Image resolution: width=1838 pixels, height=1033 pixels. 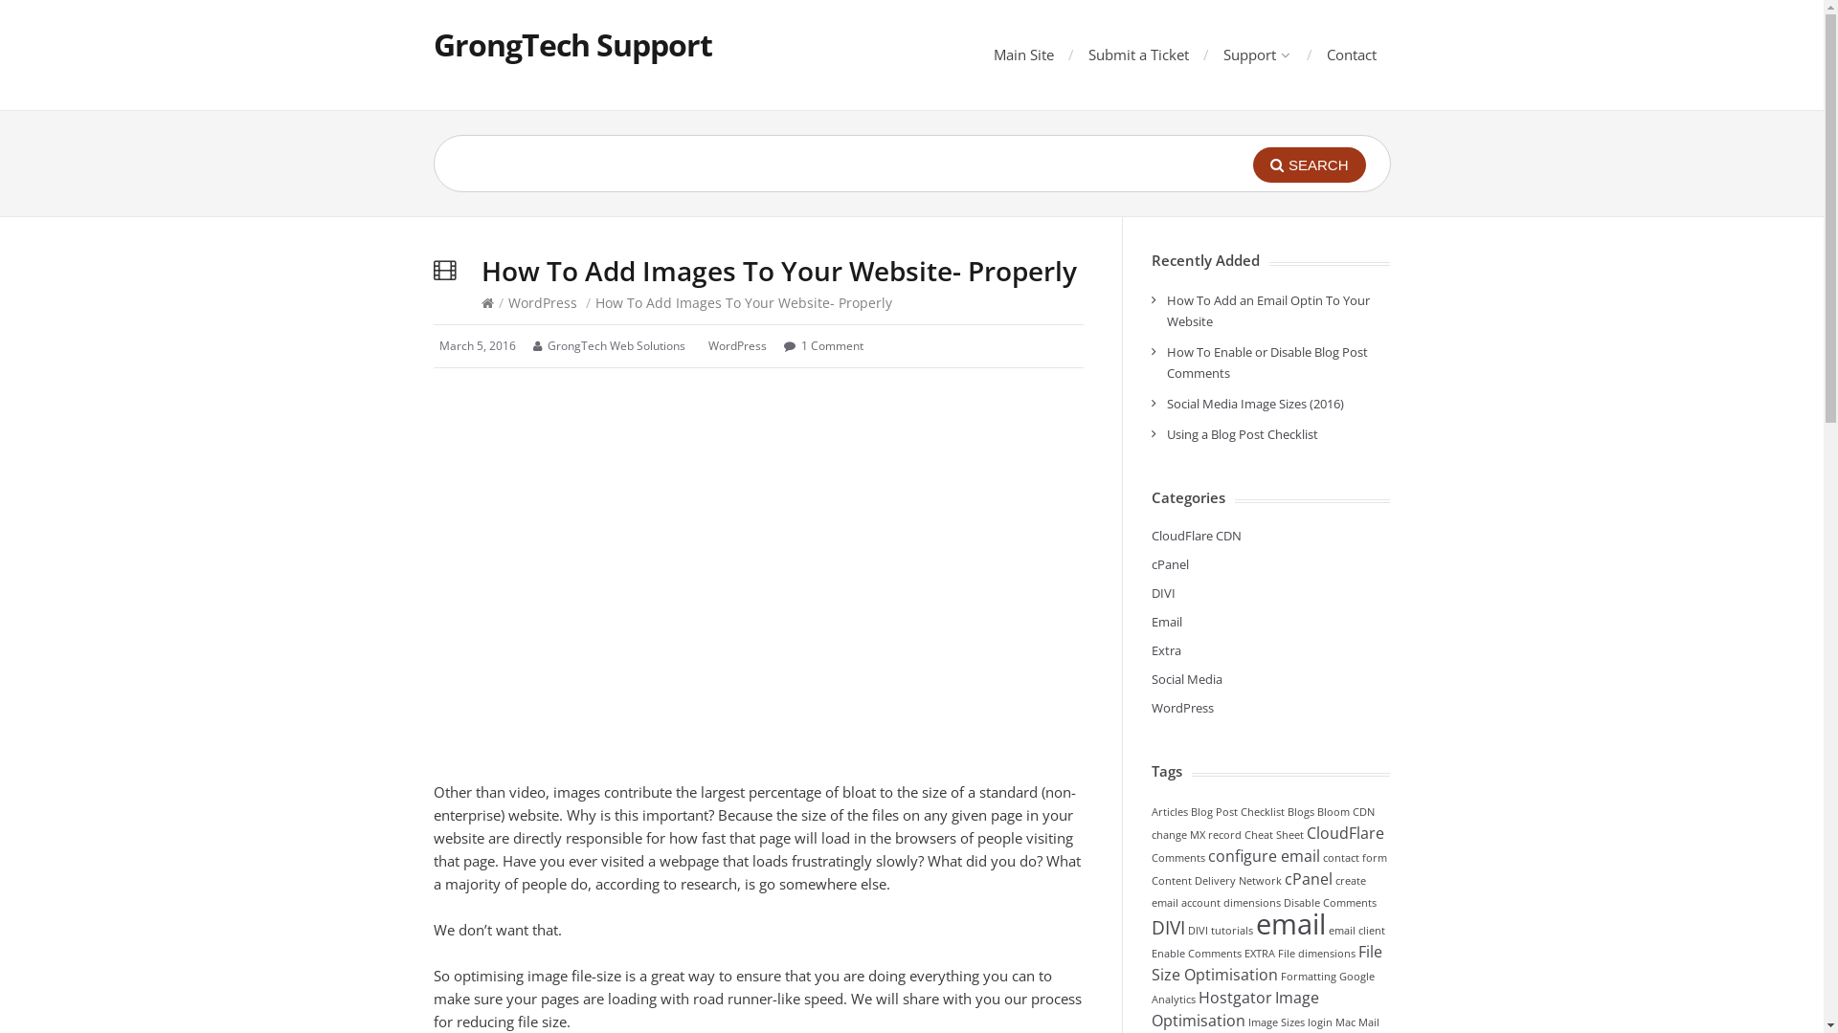 What do you see at coordinates (1165, 434) in the screenshot?
I see `'Using a Blog Post Checklist'` at bounding box center [1165, 434].